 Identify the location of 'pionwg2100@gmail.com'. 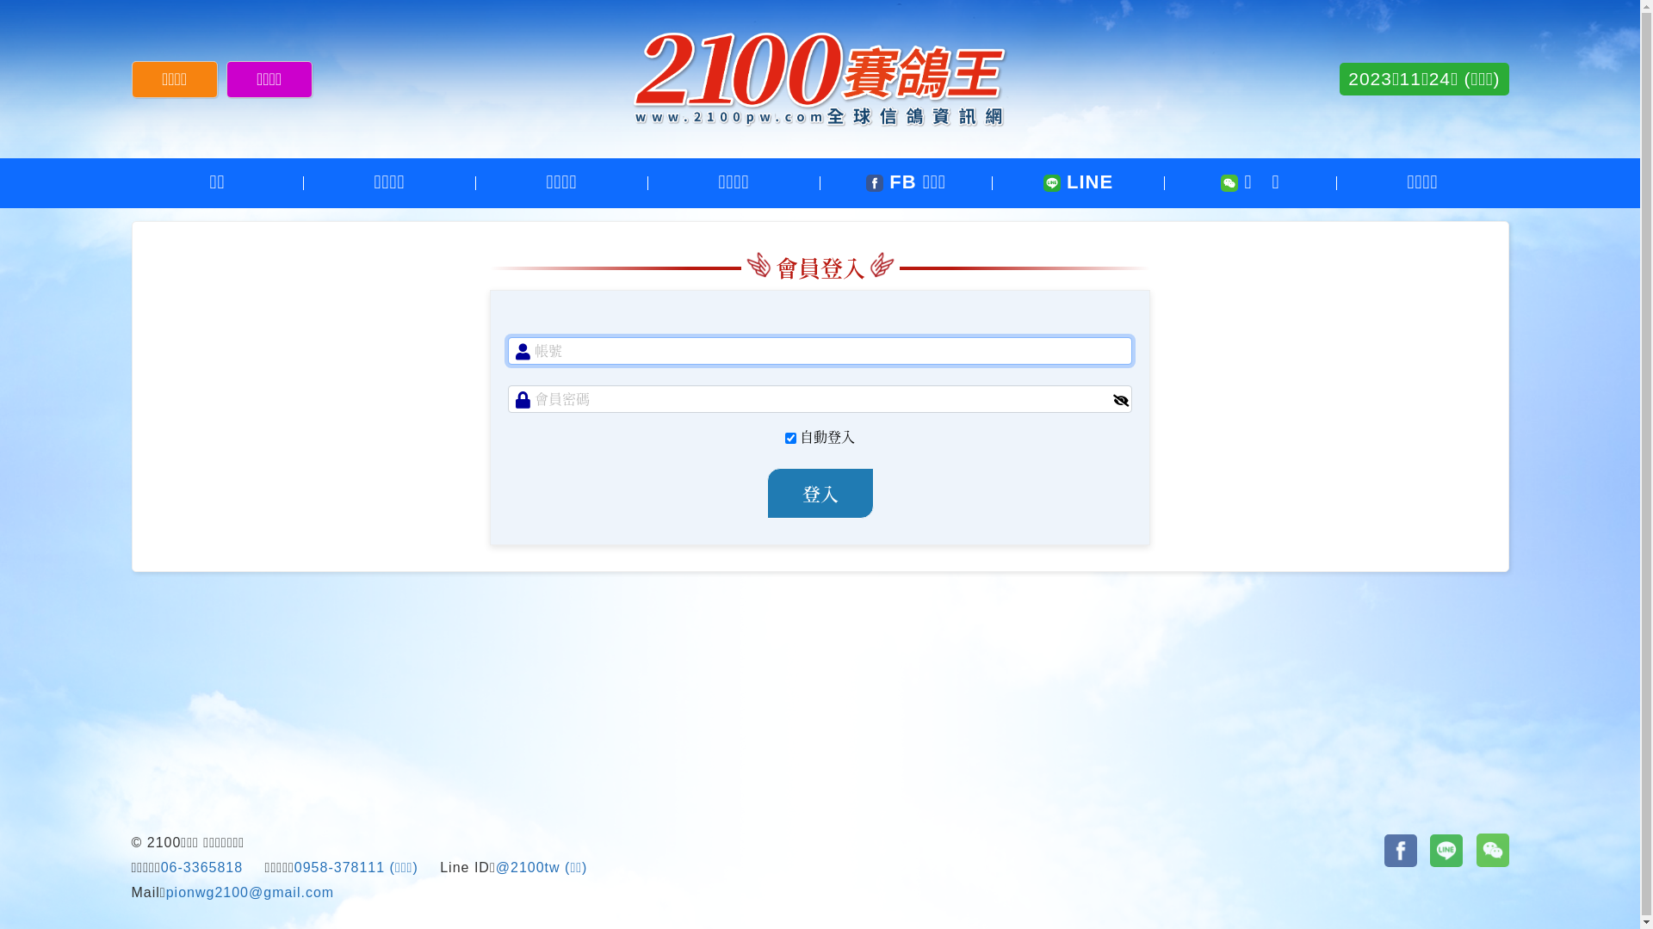
(165, 891).